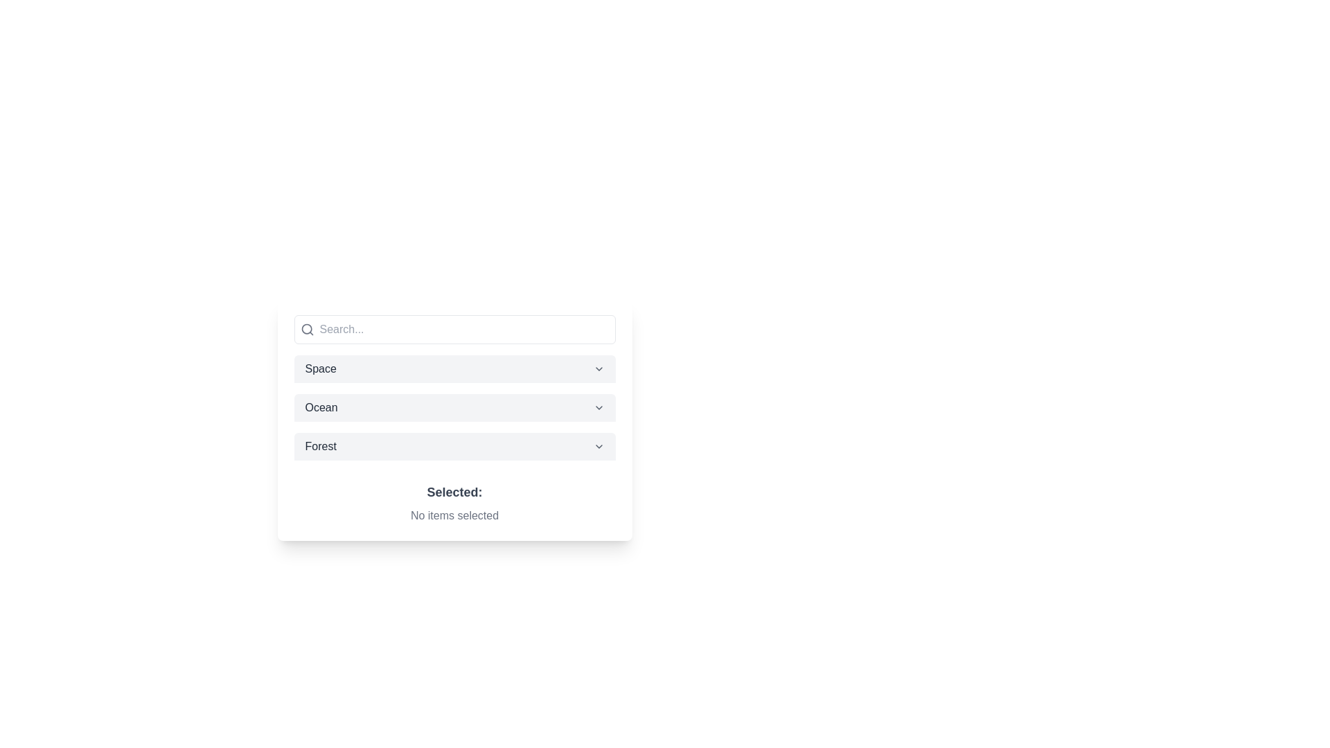  I want to click on the dropdown menu labeled 'Ocean', so click(454, 418).